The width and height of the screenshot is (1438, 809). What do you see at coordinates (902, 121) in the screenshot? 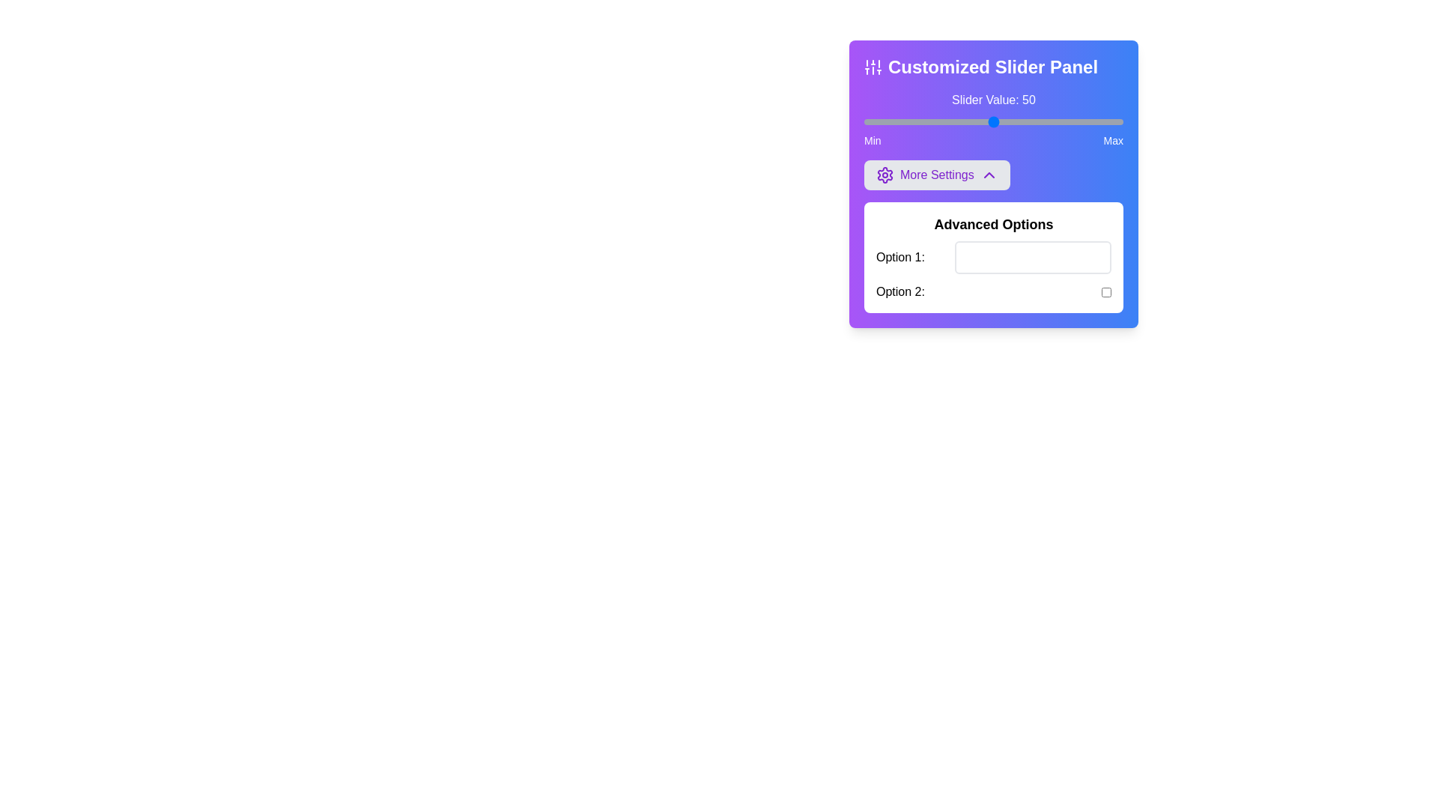
I see `the slider's value` at bounding box center [902, 121].